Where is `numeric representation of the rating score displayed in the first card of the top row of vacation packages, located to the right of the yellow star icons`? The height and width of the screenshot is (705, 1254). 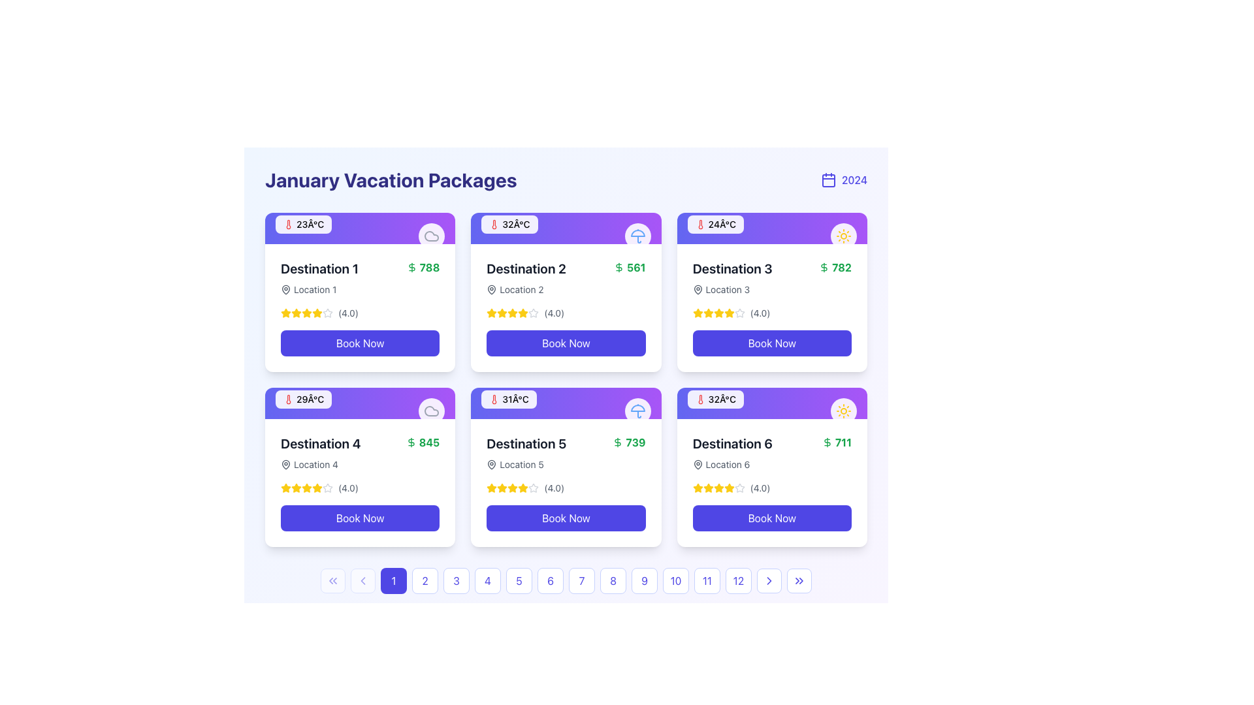 numeric representation of the rating score displayed in the first card of the top row of vacation packages, located to the right of the yellow star icons is located at coordinates (348, 313).